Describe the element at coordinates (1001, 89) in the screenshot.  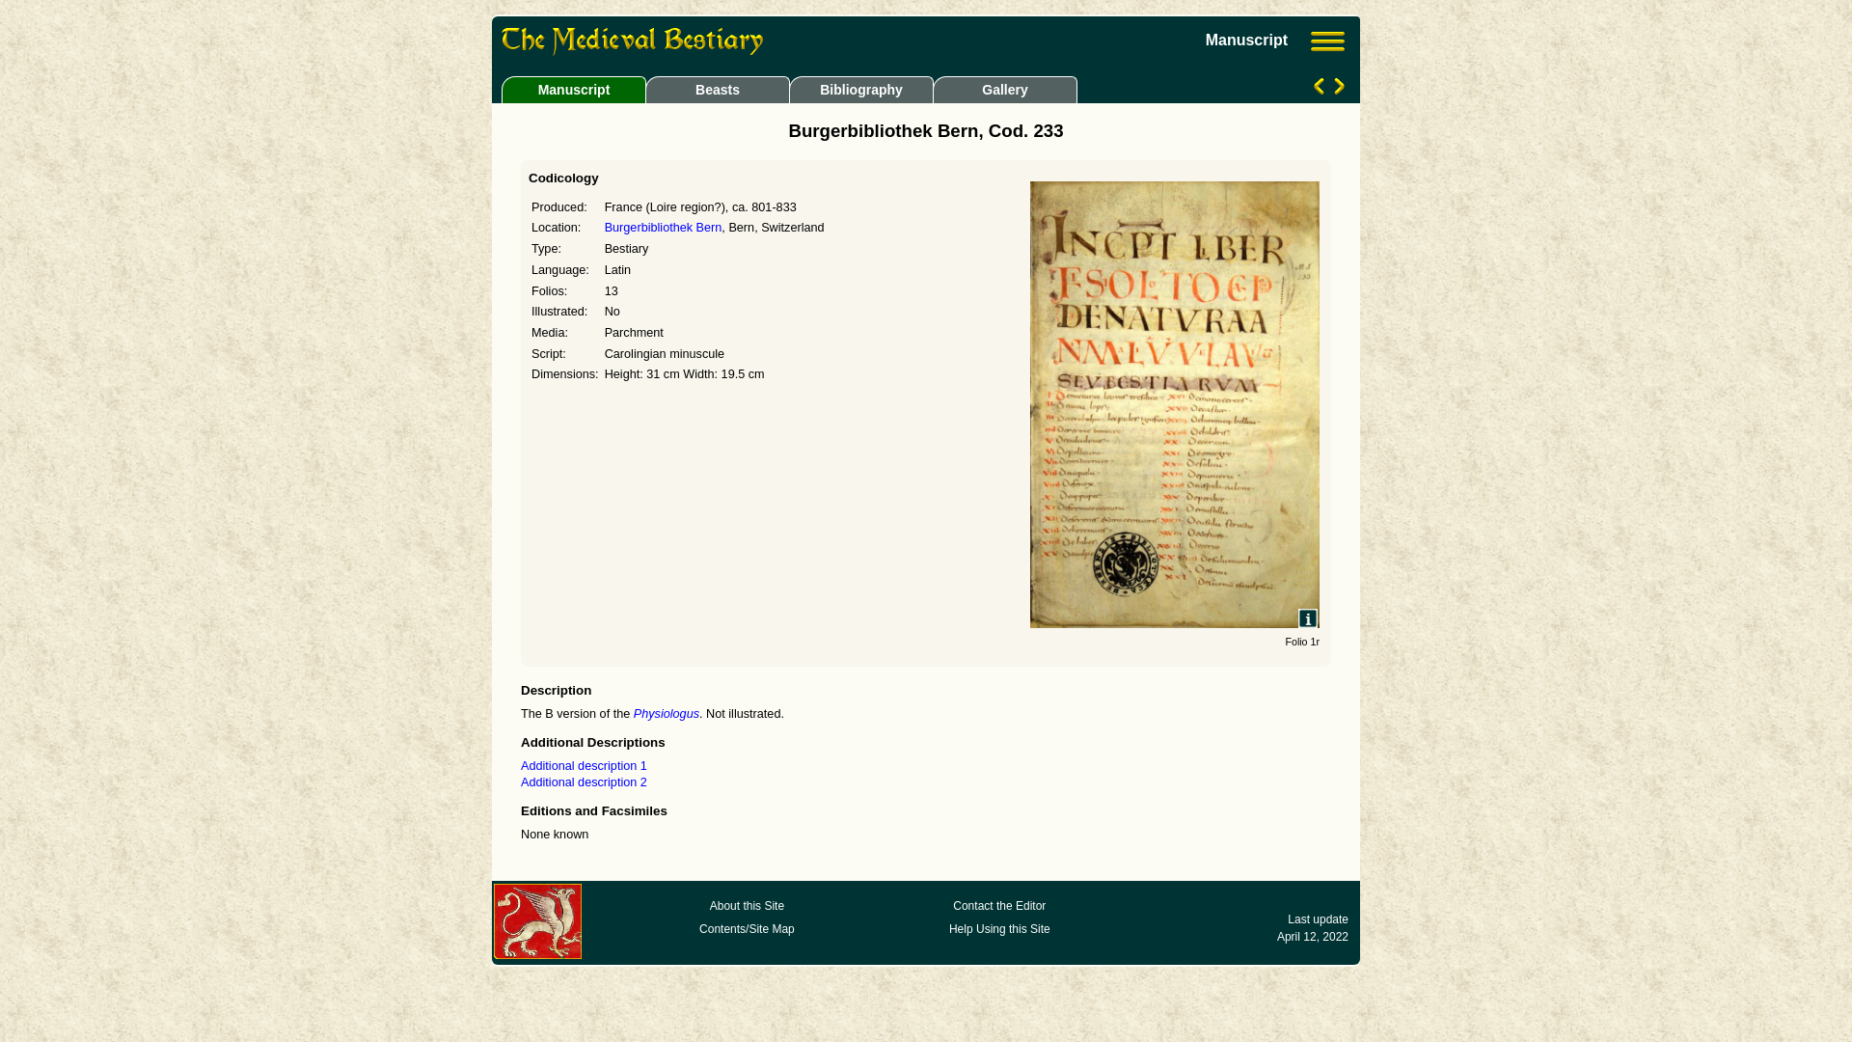
I see `'Gallery'` at that location.